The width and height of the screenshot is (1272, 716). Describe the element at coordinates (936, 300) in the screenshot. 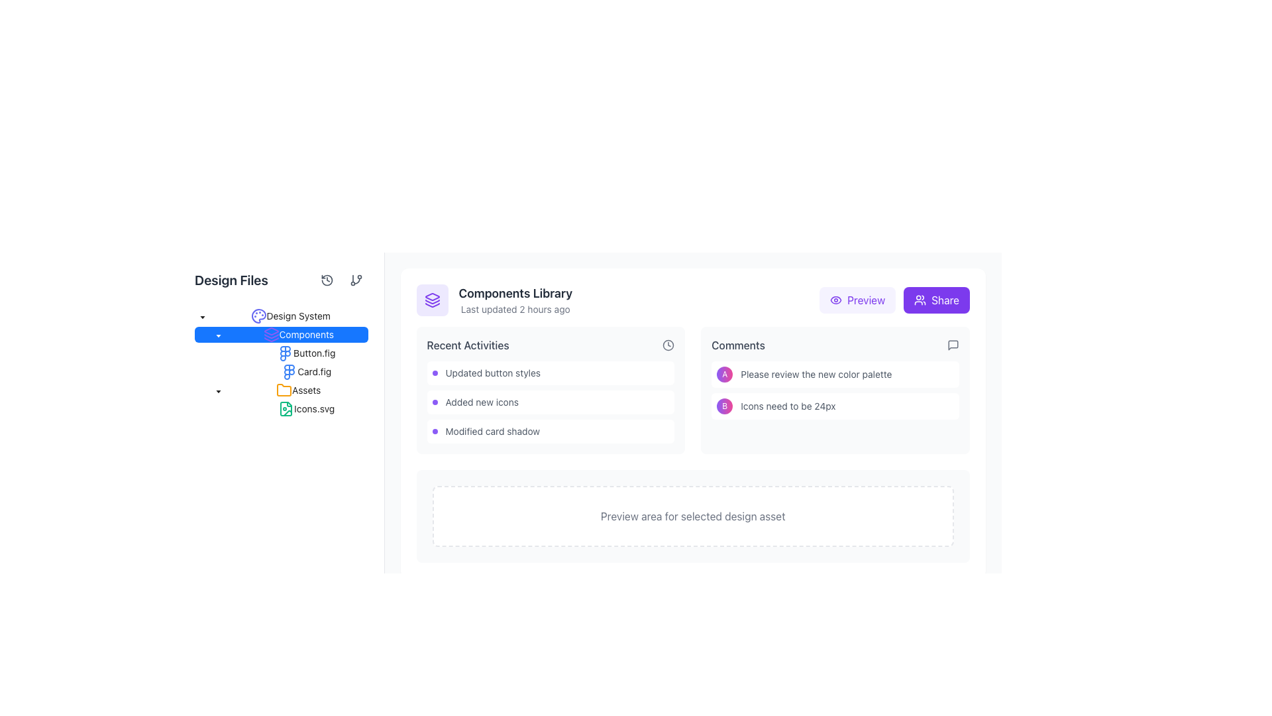

I see `the 'Share' button with a violet background and rounded corners, located in the top-right section of the interface, to initiate sharing` at that location.